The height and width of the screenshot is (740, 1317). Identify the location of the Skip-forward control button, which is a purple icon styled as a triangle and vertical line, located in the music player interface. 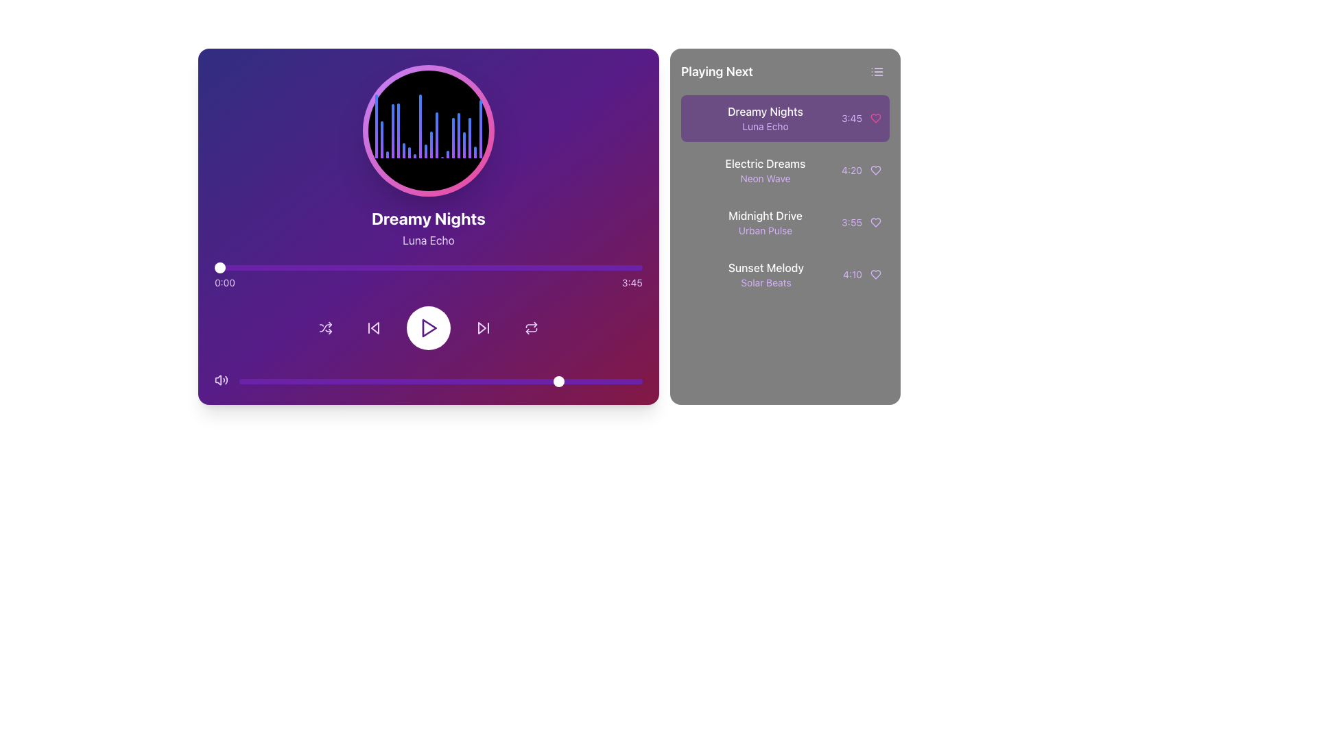
(484, 328).